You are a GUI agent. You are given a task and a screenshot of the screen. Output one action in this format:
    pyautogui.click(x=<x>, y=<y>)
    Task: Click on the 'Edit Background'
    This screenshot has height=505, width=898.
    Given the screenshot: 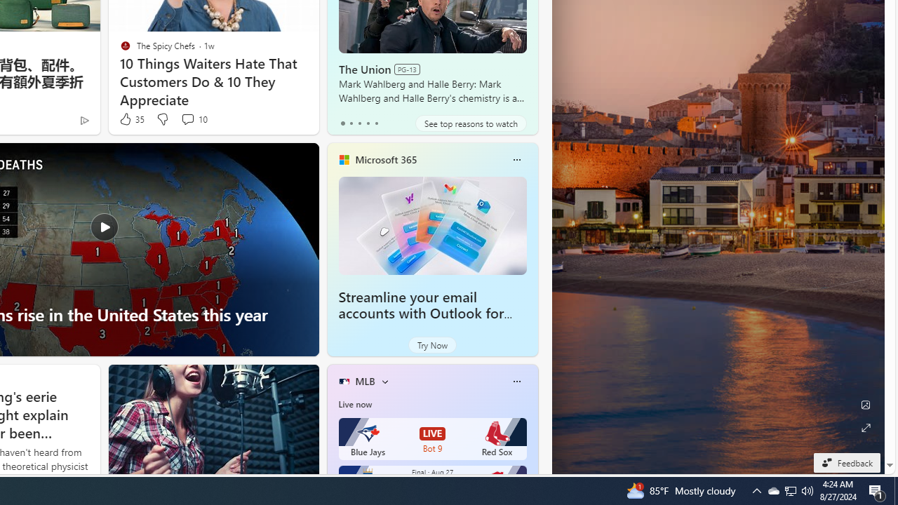 What is the action you would take?
    pyautogui.click(x=864, y=405)
    